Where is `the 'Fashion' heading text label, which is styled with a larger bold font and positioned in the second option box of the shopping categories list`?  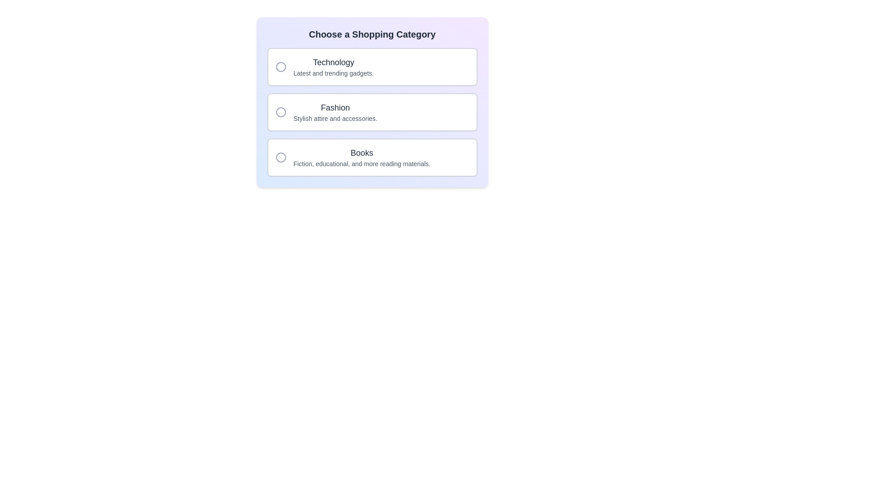
the 'Fashion' heading text label, which is styled with a larger bold font and positioned in the second option box of the shopping categories list is located at coordinates (335, 111).